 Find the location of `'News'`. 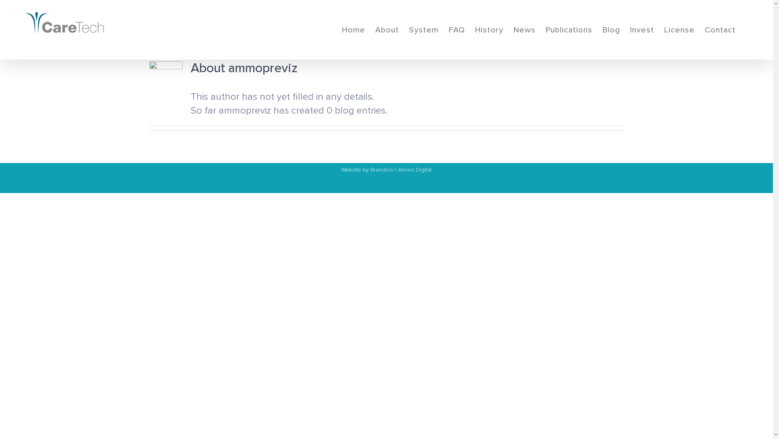

'News' is located at coordinates (524, 29).